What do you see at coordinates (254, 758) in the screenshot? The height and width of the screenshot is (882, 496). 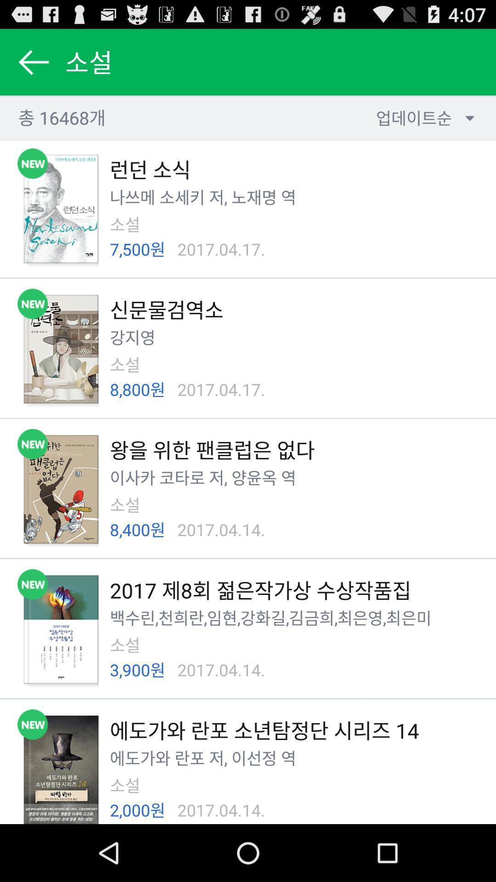 I see `the app to the right of the ,  app` at bounding box center [254, 758].